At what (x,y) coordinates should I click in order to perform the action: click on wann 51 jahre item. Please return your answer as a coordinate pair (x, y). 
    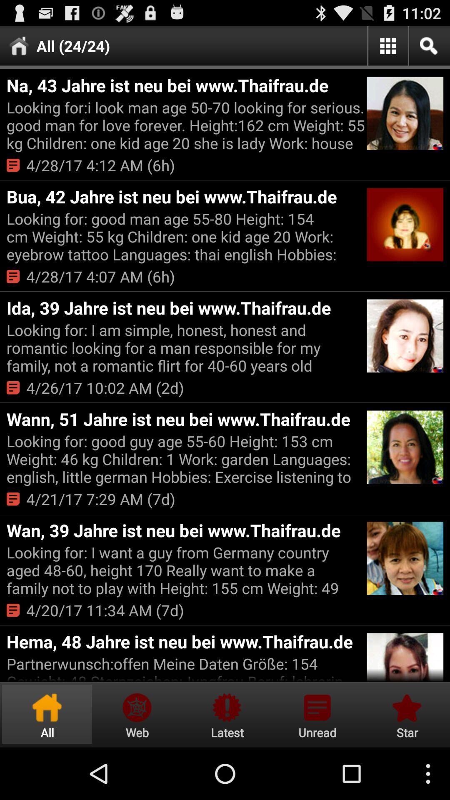
    Looking at the image, I should click on (185, 419).